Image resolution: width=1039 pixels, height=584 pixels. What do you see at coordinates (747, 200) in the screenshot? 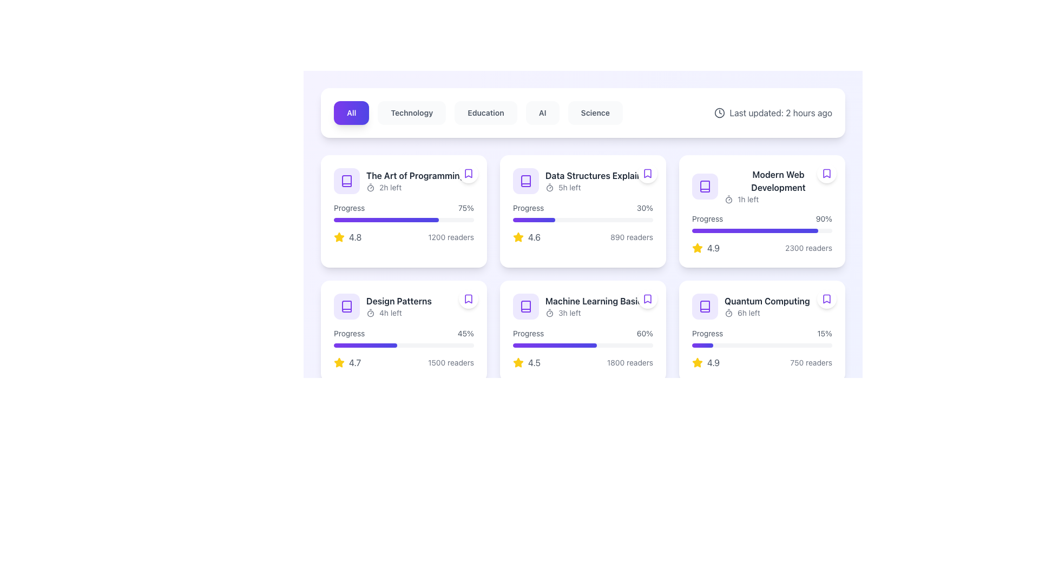
I see `the Text Label that displays the remaining time for the 'Modern Web Development' event, which is centrally located within the card and positioned below the main title` at bounding box center [747, 200].